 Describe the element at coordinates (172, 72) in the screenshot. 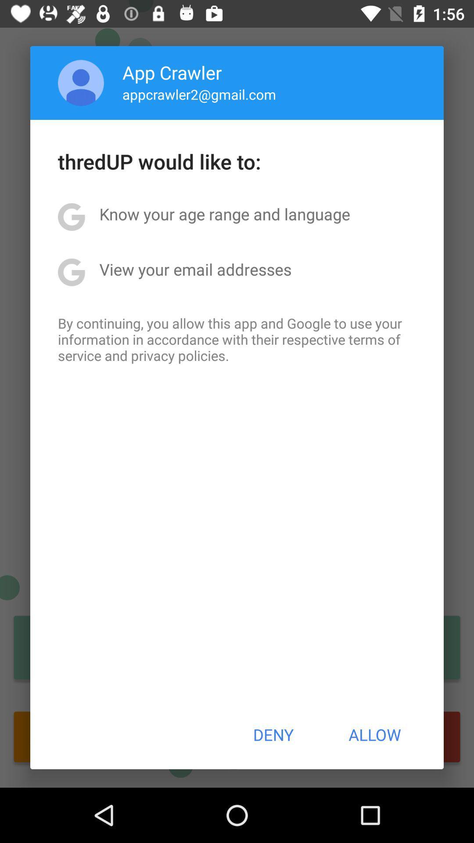

I see `app above appcrawler2@gmail.com icon` at that location.